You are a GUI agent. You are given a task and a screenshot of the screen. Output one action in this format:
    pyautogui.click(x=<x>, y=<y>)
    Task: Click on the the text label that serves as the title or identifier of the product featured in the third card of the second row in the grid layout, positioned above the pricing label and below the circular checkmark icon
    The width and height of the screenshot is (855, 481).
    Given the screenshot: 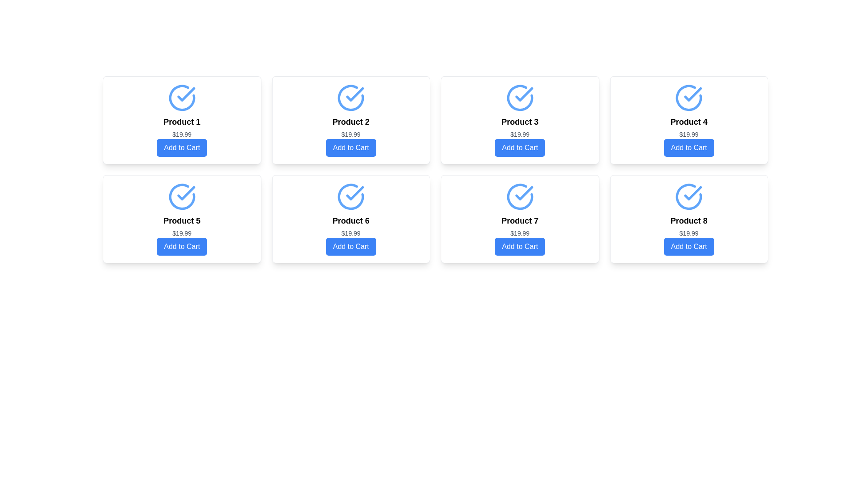 What is the action you would take?
    pyautogui.click(x=520, y=220)
    